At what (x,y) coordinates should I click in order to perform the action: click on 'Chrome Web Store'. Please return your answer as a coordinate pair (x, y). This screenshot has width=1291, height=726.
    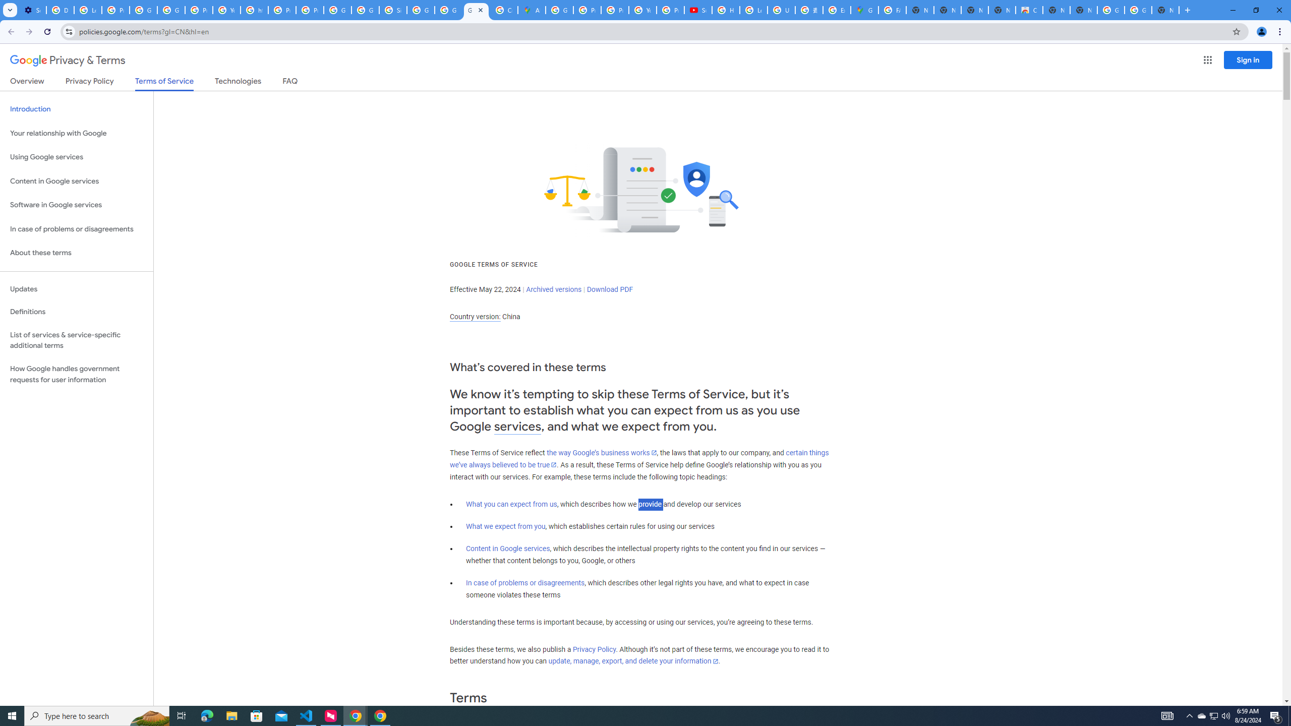
    Looking at the image, I should click on (1028, 10).